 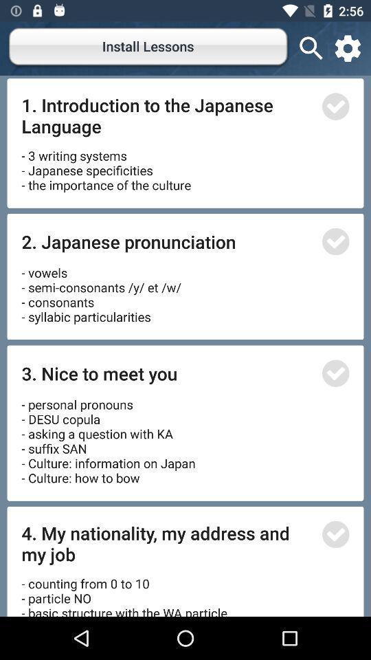 I want to click on the install lessons, so click(x=148, y=48).